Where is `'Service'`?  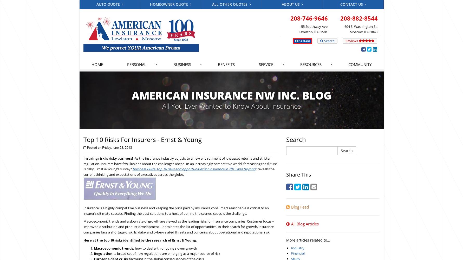 'Service' is located at coordinates (266, 64).